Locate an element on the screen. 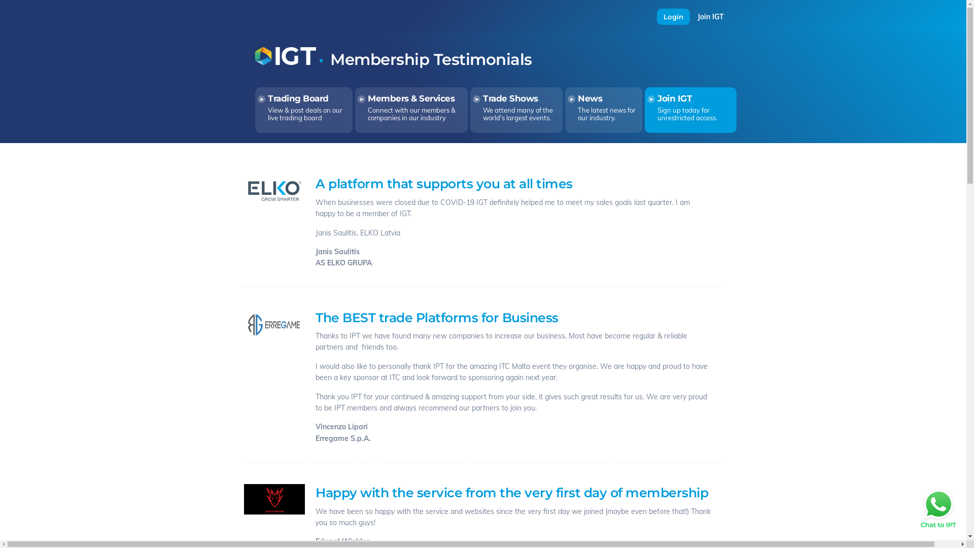  'Join IGT' is located at coordinates (697, 17).